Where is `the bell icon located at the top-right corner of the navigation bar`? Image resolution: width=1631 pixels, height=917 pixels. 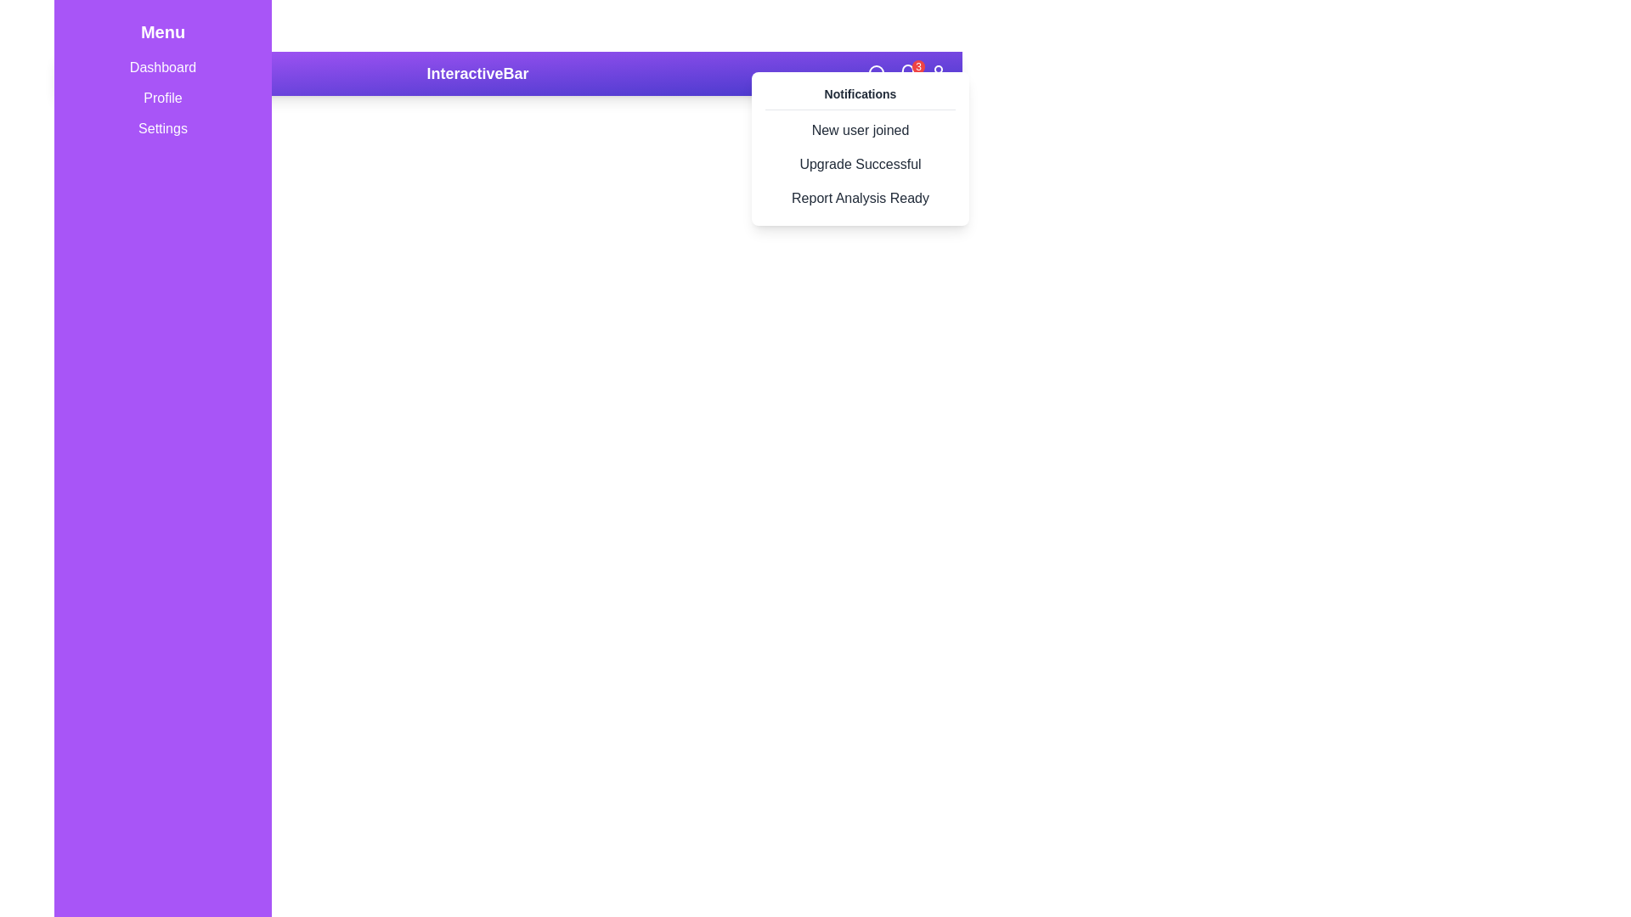 the bell icon located at the top-right corner of the navigation bar is located at coordinates (917, 65).